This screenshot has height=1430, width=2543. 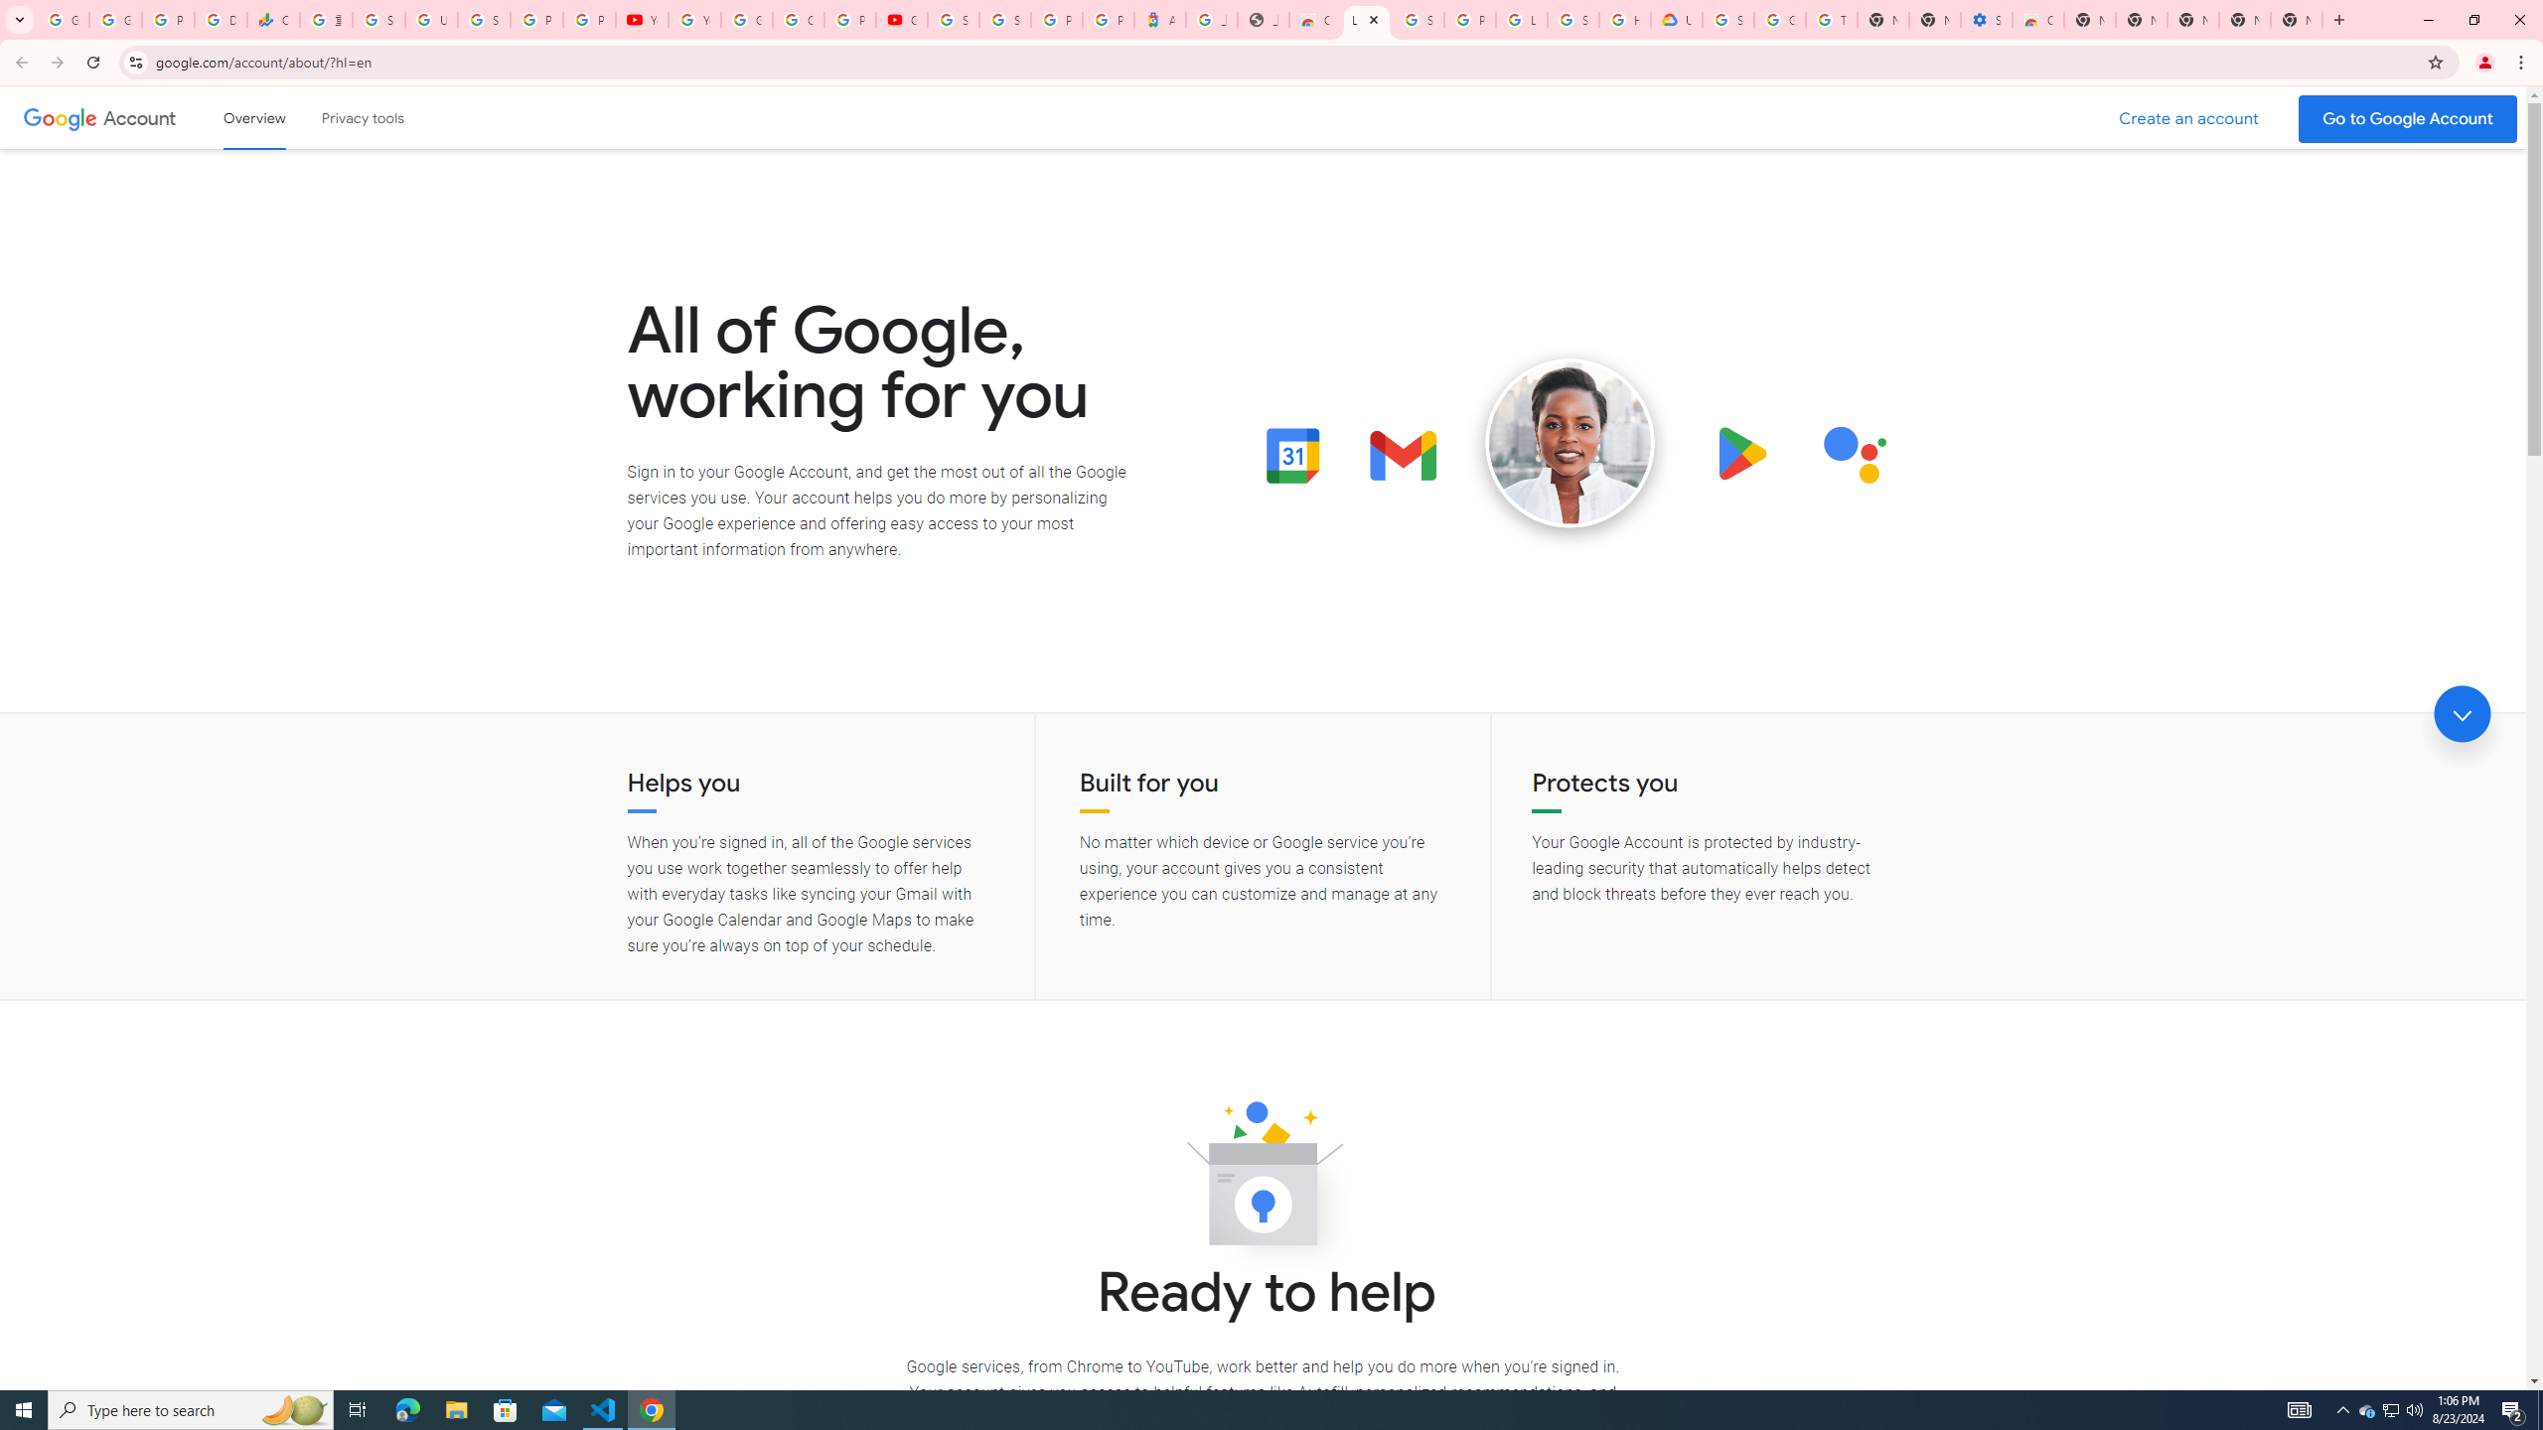 What do you see at coordinates (361, 117) in the screenshot?
I see `'Privacy tools'` at bounding box center [361, 117].